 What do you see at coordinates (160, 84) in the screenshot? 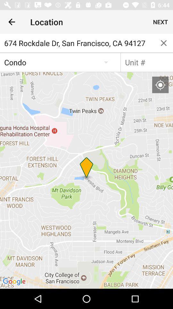
I see `center the map` at bounding box center [160, 84].